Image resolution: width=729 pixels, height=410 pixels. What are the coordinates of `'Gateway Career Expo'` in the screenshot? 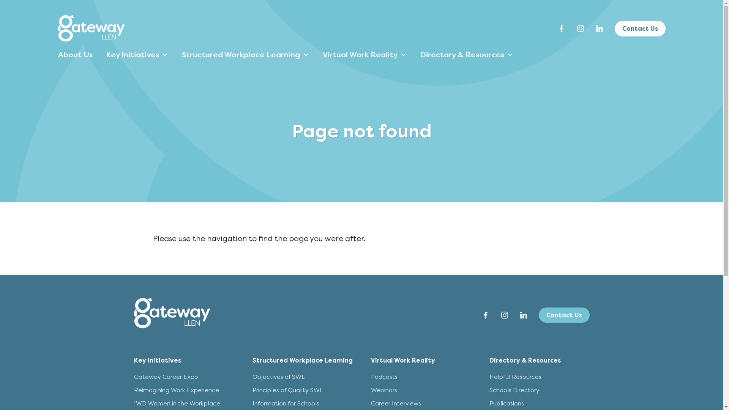 It's located at (165, 377).